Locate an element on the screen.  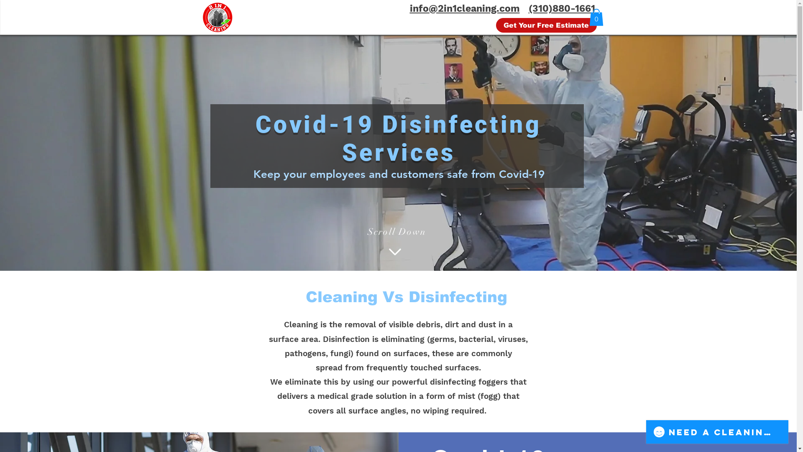
'info@2in1cleaning.com' is located at coordinates (464, 8).